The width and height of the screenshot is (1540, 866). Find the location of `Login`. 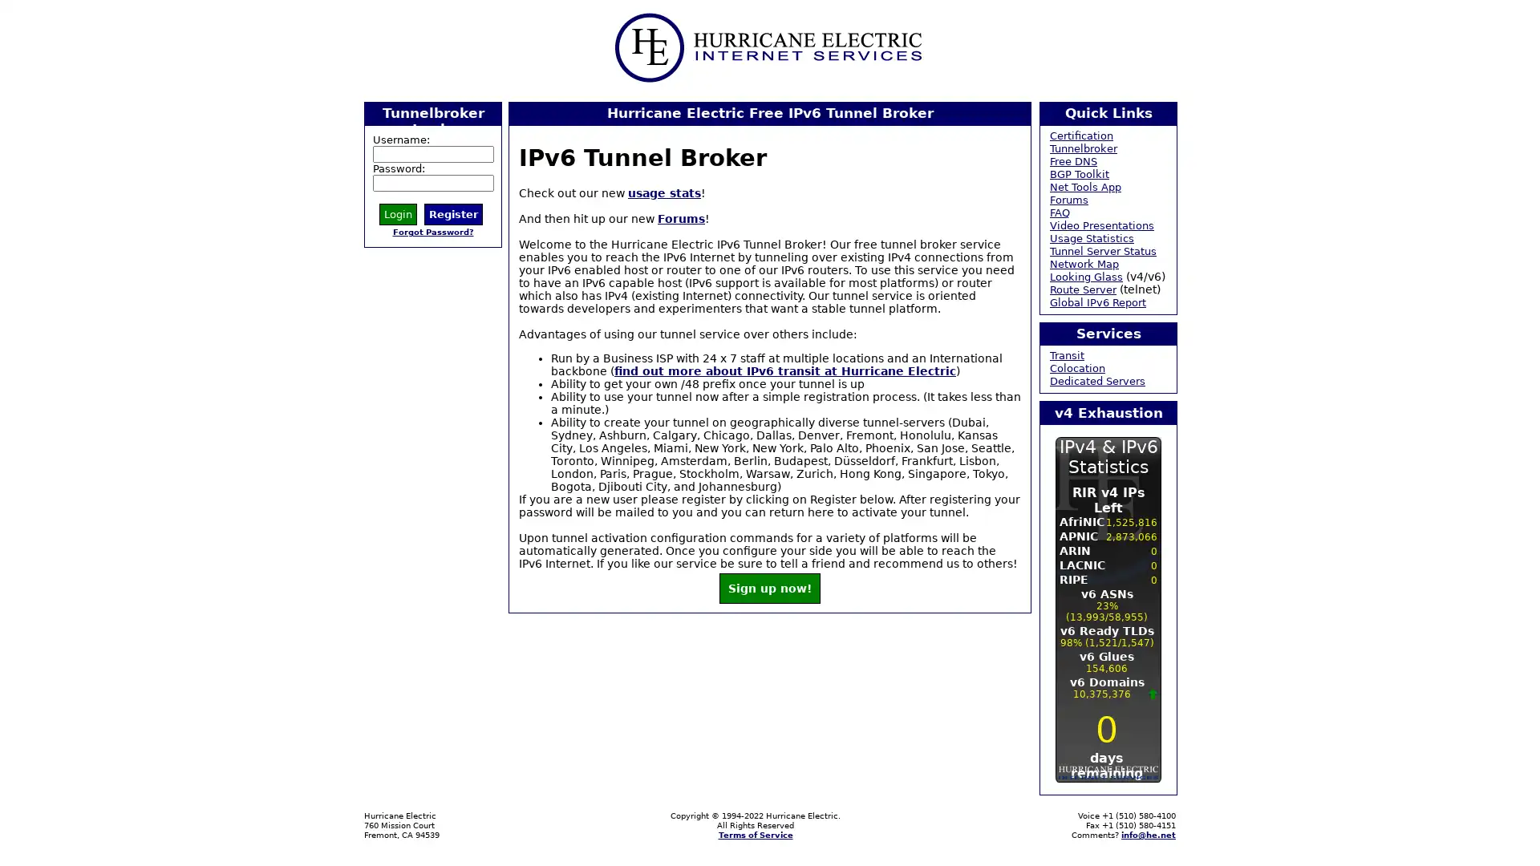

Login is located at coordinates (398, 212).